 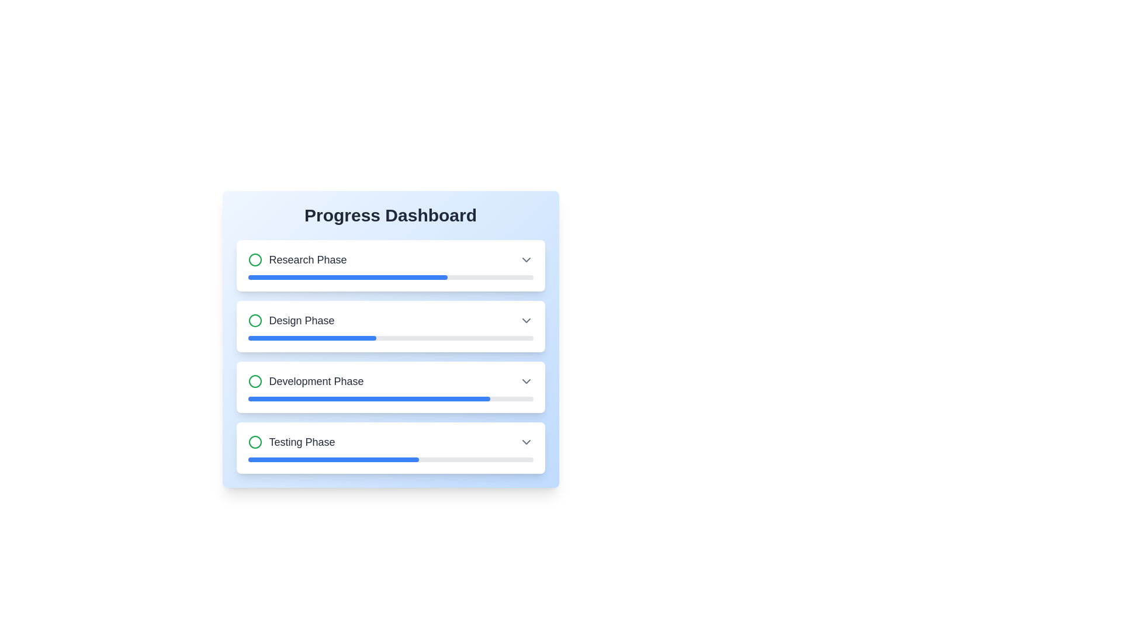 I want to click on the 'Research Phase' label with icon located at the top-left corner of the progress dashboard list, so click(x=297, y=259).